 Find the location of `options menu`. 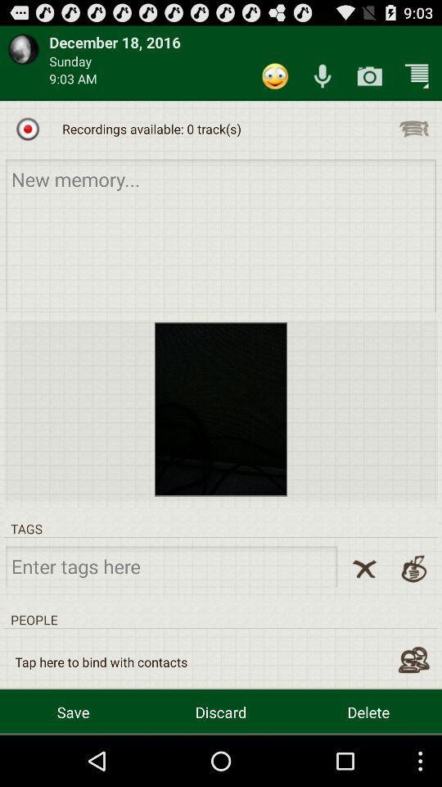

options menu is located at coordinates (413, 128).